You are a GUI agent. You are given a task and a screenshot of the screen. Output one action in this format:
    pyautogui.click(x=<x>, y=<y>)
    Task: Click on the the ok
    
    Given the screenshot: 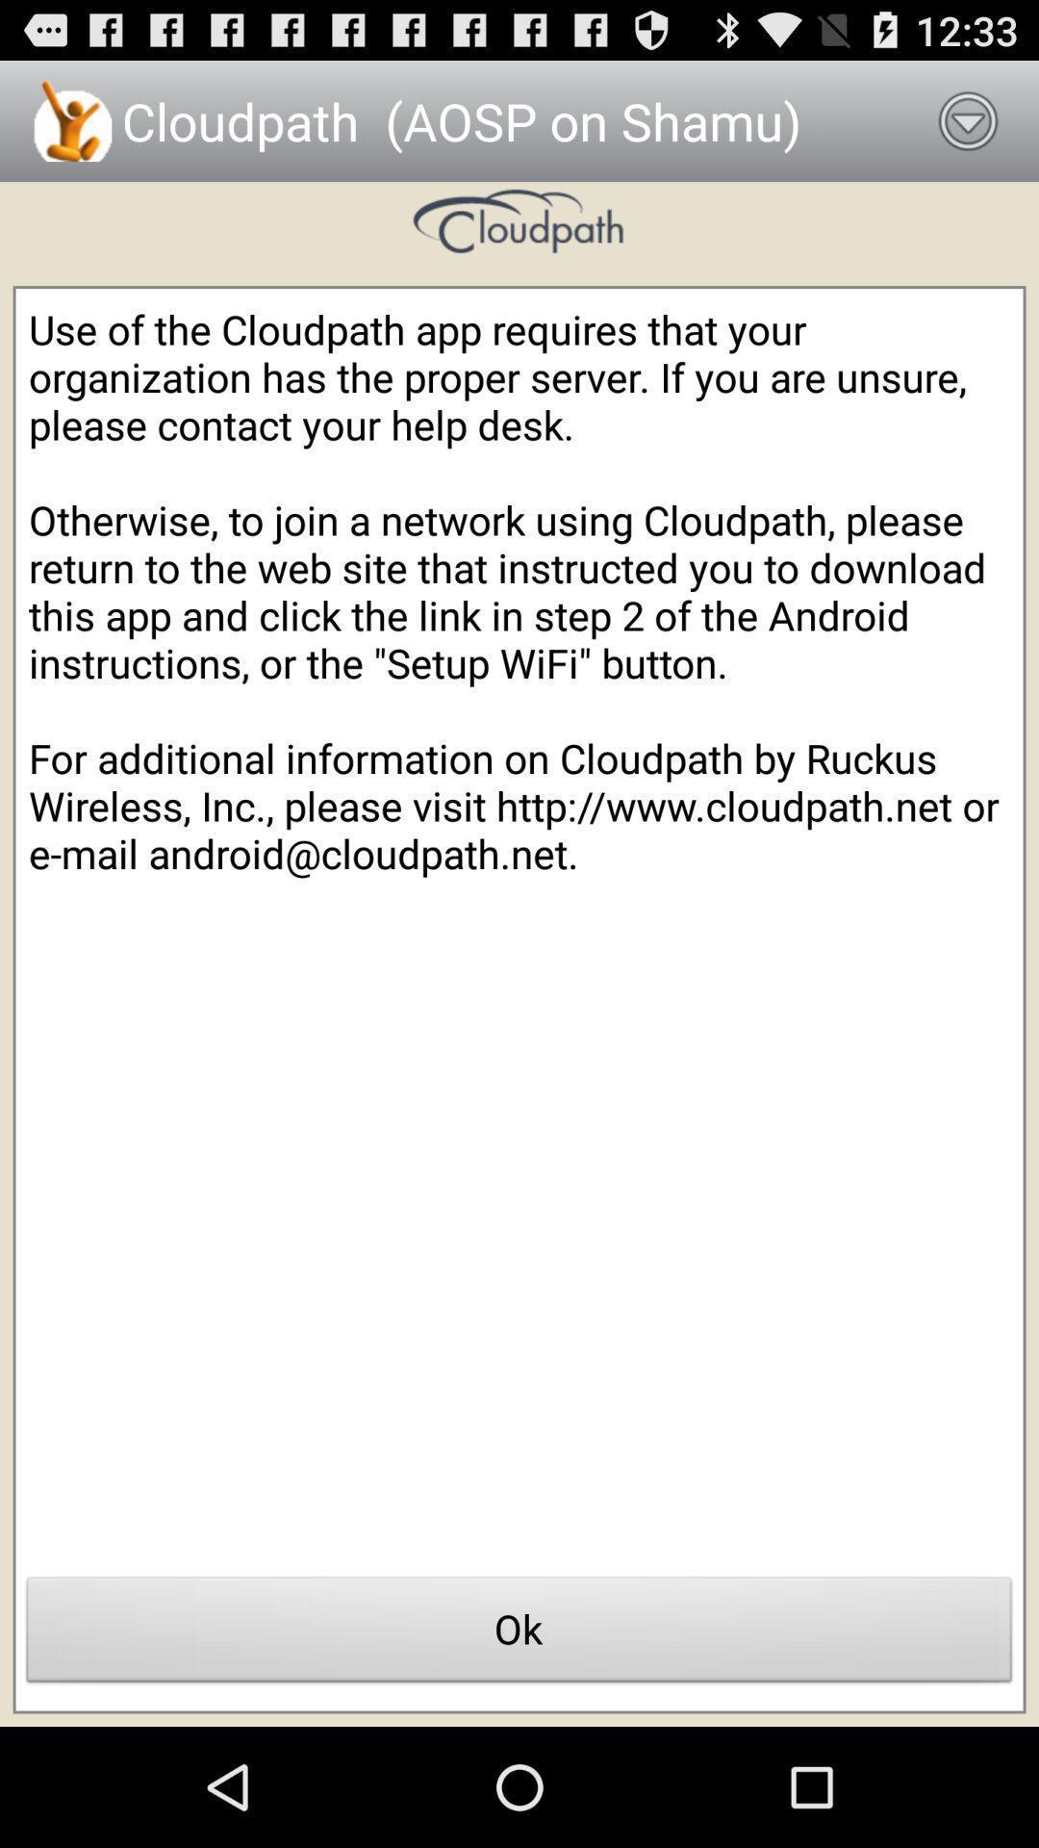 What is the action you would take?
    pyautogui.click(x=519, y=1633)
    